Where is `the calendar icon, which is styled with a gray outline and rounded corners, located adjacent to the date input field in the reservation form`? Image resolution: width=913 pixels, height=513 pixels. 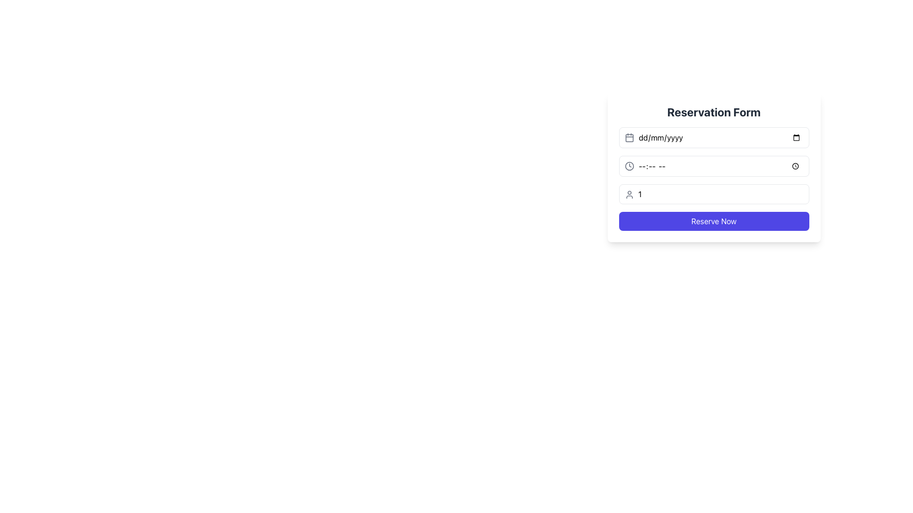
the calendar icon, which is styled with a gray outline and rounded corners, located adjacent to the date input field in the reservation form is located at coordinates (629, 137).